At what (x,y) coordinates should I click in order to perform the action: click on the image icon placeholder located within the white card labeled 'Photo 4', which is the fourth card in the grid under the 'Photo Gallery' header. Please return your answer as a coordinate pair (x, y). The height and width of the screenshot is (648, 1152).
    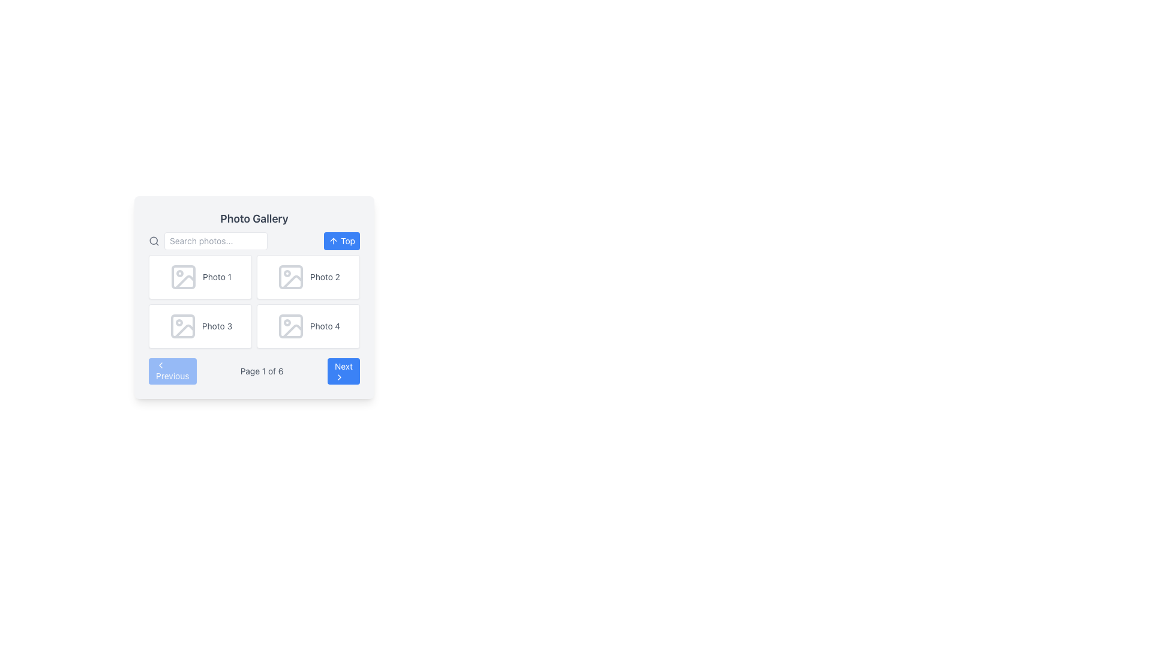
    Looking at the image, I should click on (290, 326).